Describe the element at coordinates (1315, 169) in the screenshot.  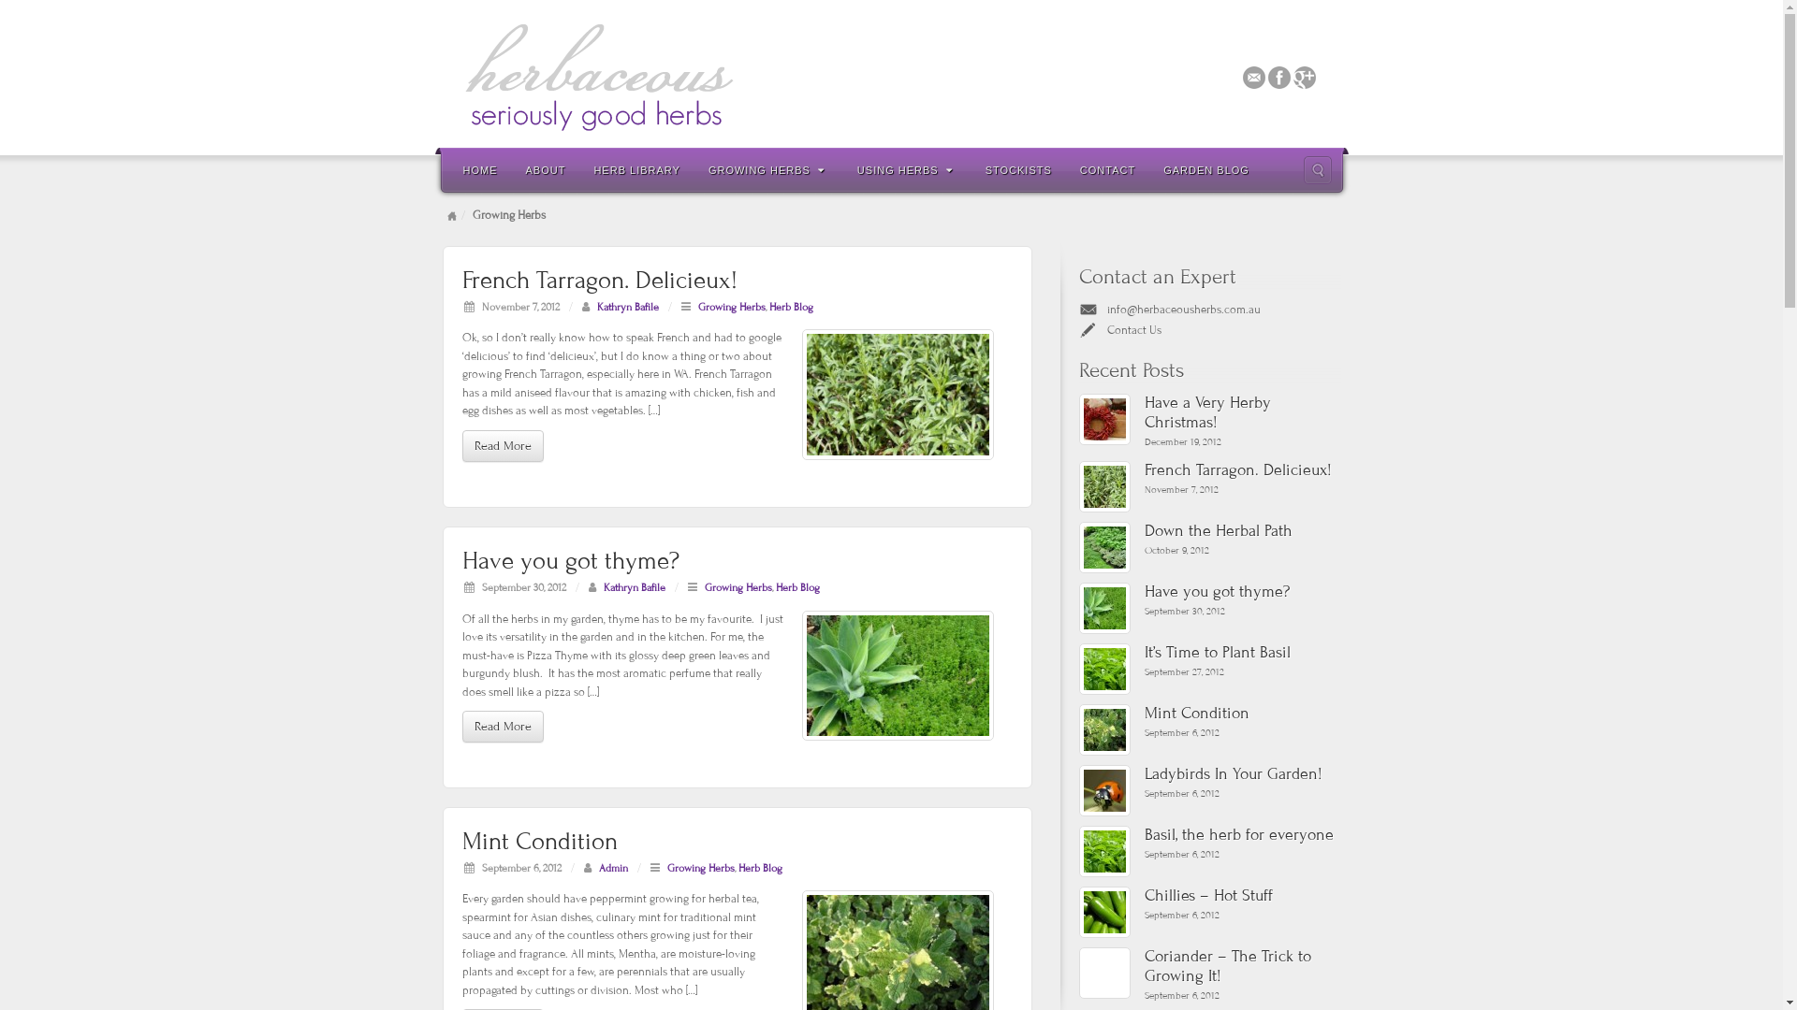
I see `'Search the site...'` at that location.